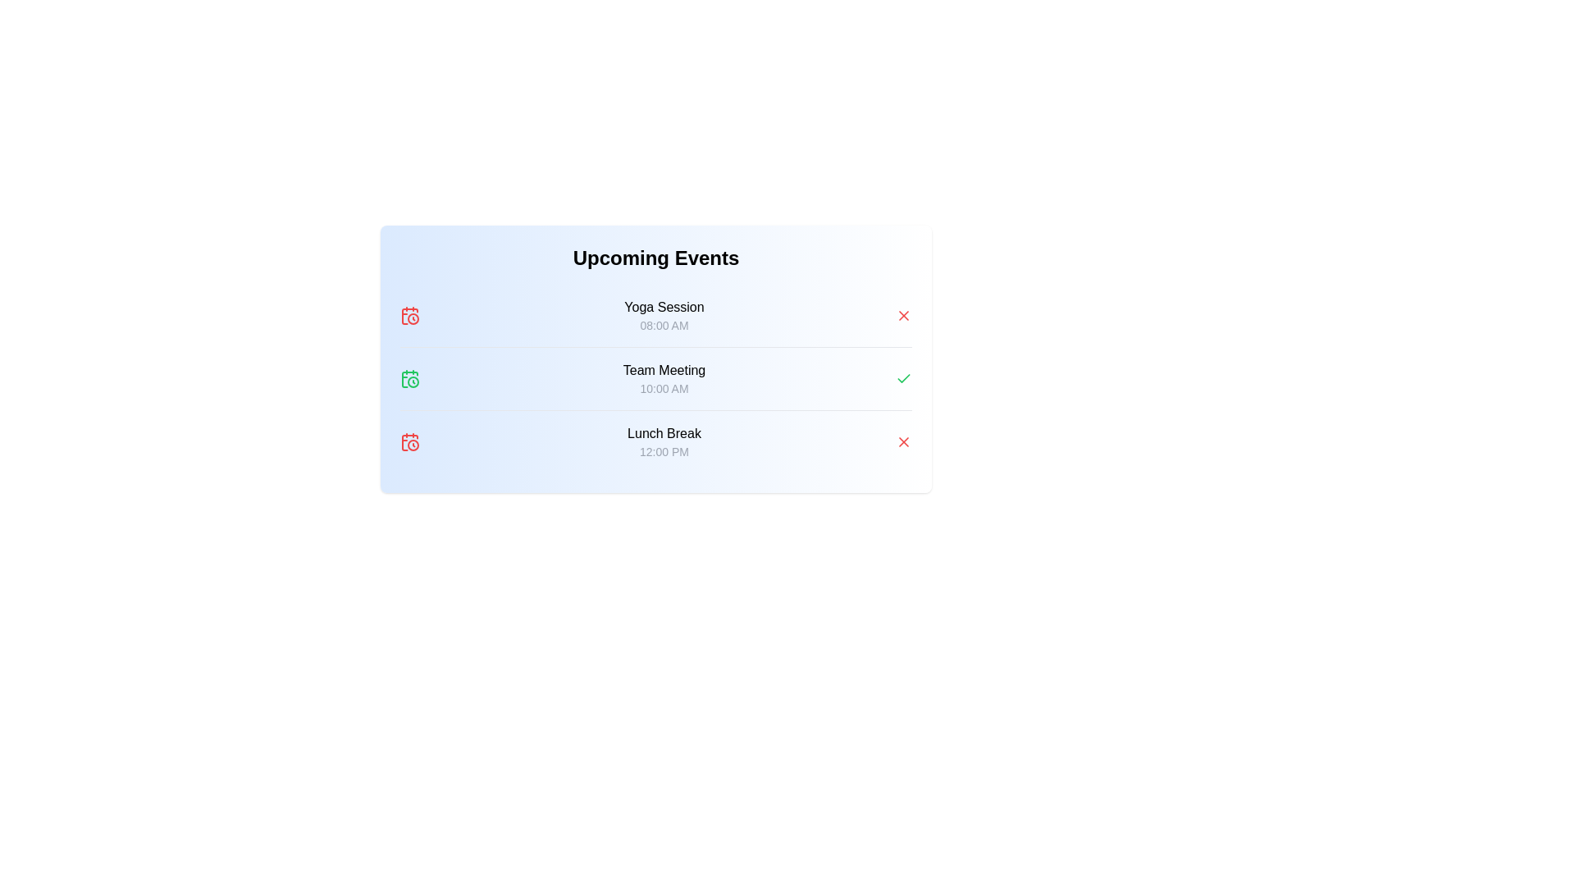 This screenshot has height=886, width=1575. What do you see at coordinates (409, 316) in the screenshot?
I see `the icon representing the scheduled event for the 'Yoga Session' in the first row of the 'Upcoming Events' list` at bounding box center [409, 316].